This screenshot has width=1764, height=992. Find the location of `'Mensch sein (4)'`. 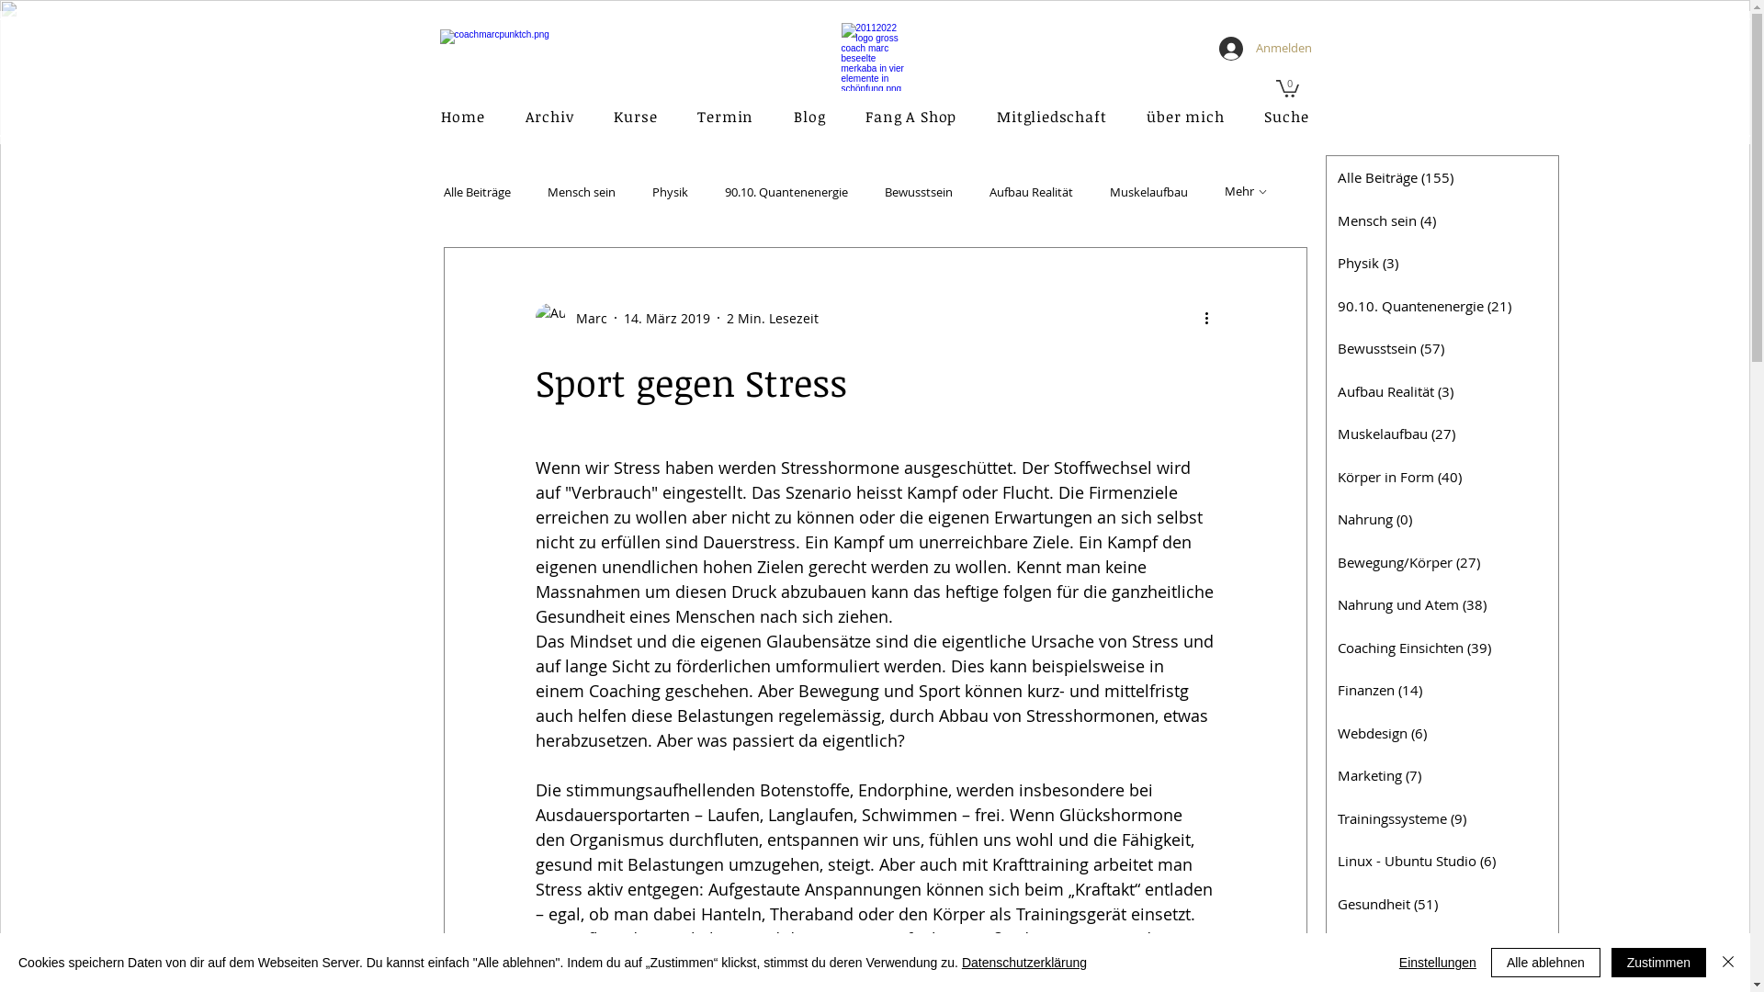

'Mensch sein (4)' is located at coordinates (1441, 219).